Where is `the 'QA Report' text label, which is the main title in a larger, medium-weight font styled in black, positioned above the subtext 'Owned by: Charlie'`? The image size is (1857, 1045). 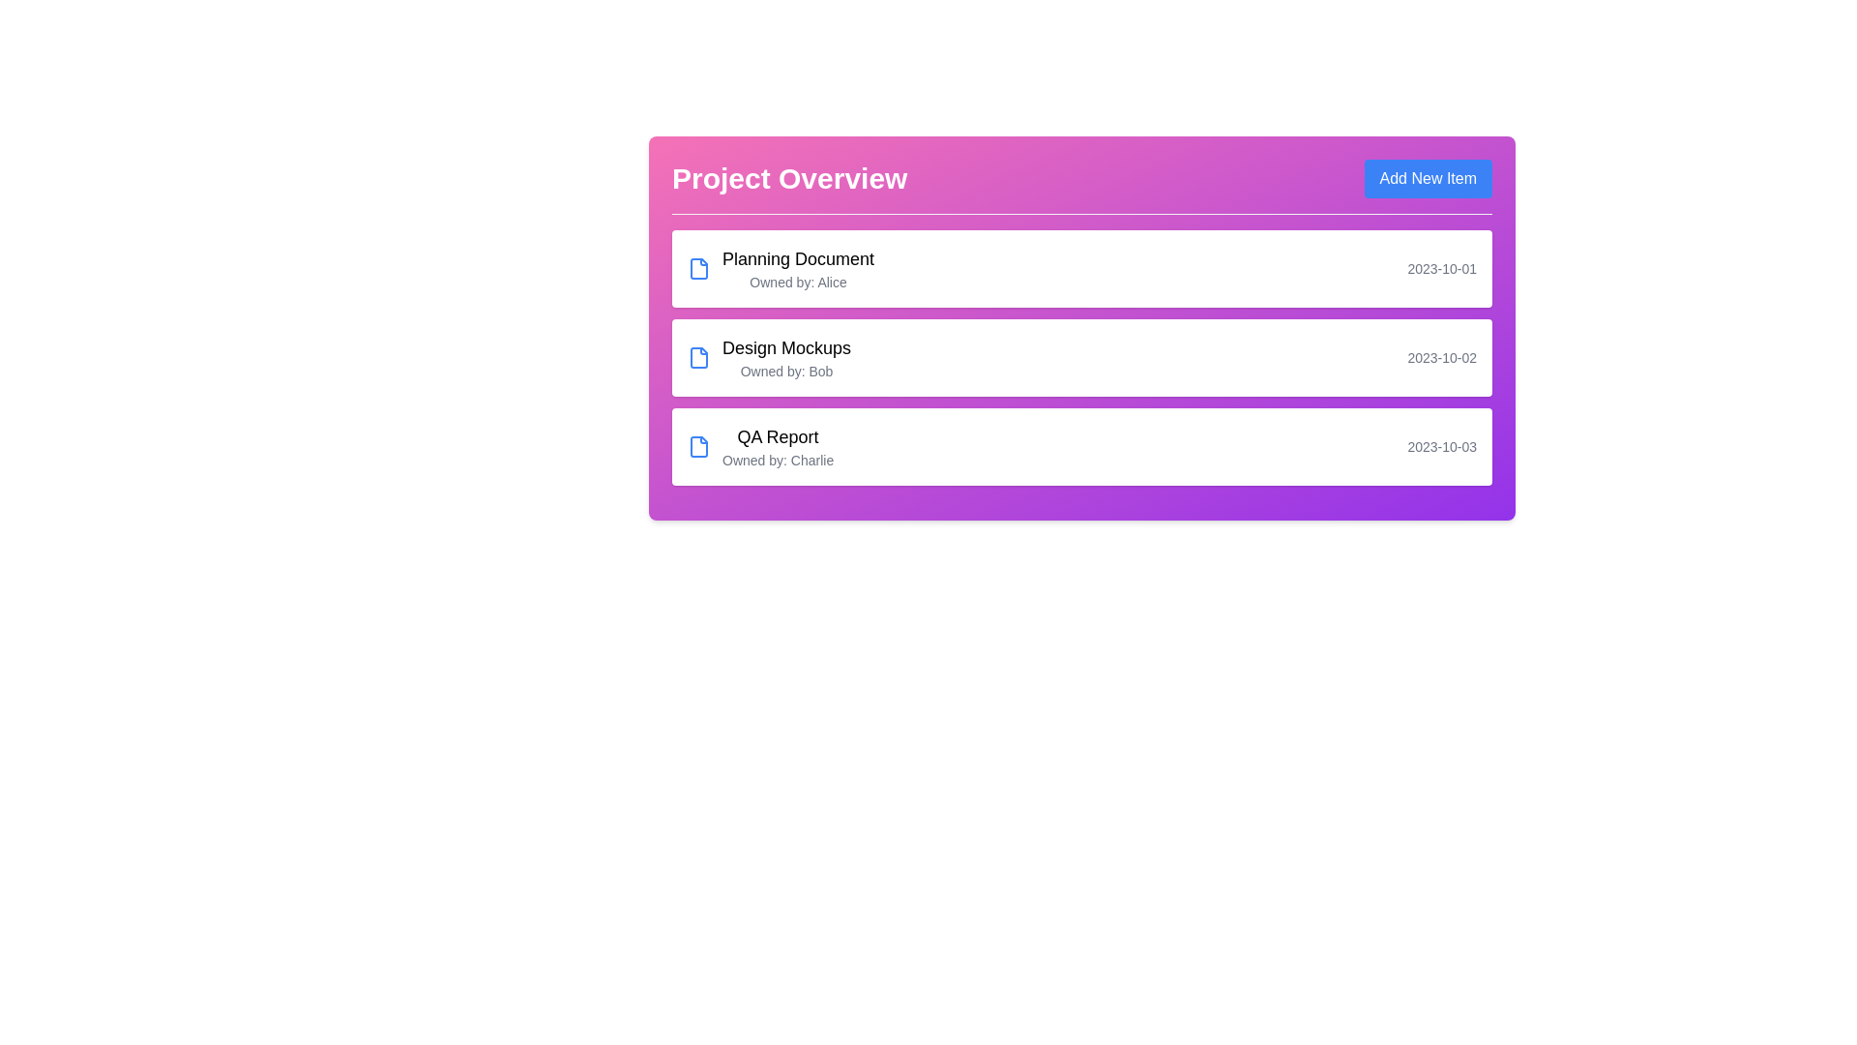 the 'QA Report' text label, which is the main title in a larger, medium-weight font styled in black, positioned above the subtext 'Owned by: Charlie' is located at coordinates (778, 436).